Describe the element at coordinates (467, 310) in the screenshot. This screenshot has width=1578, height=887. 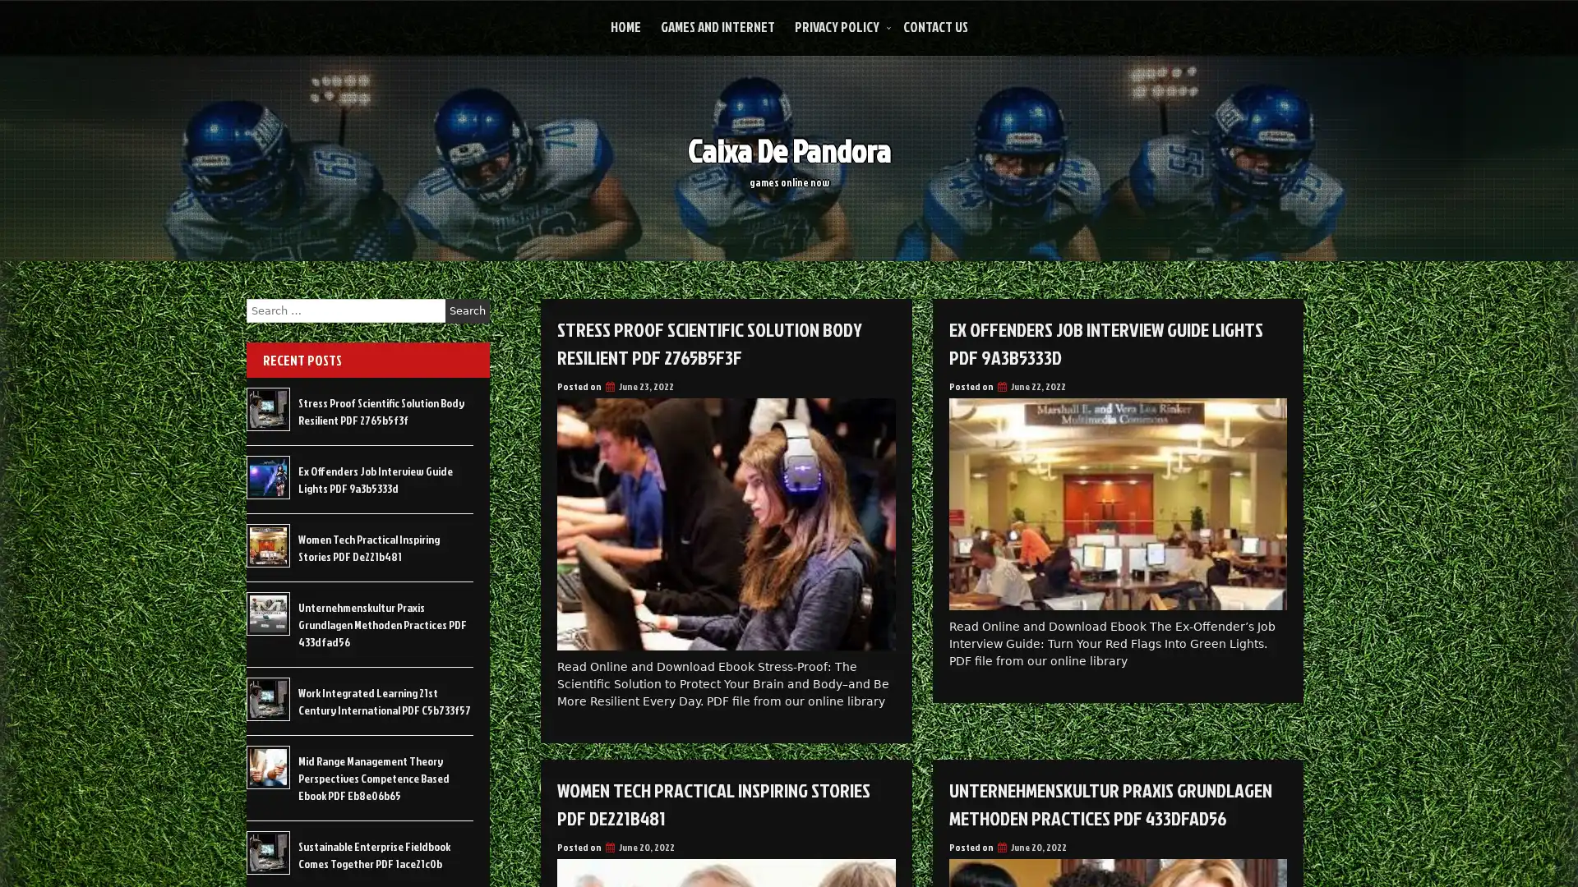
I see `Search` at that location.